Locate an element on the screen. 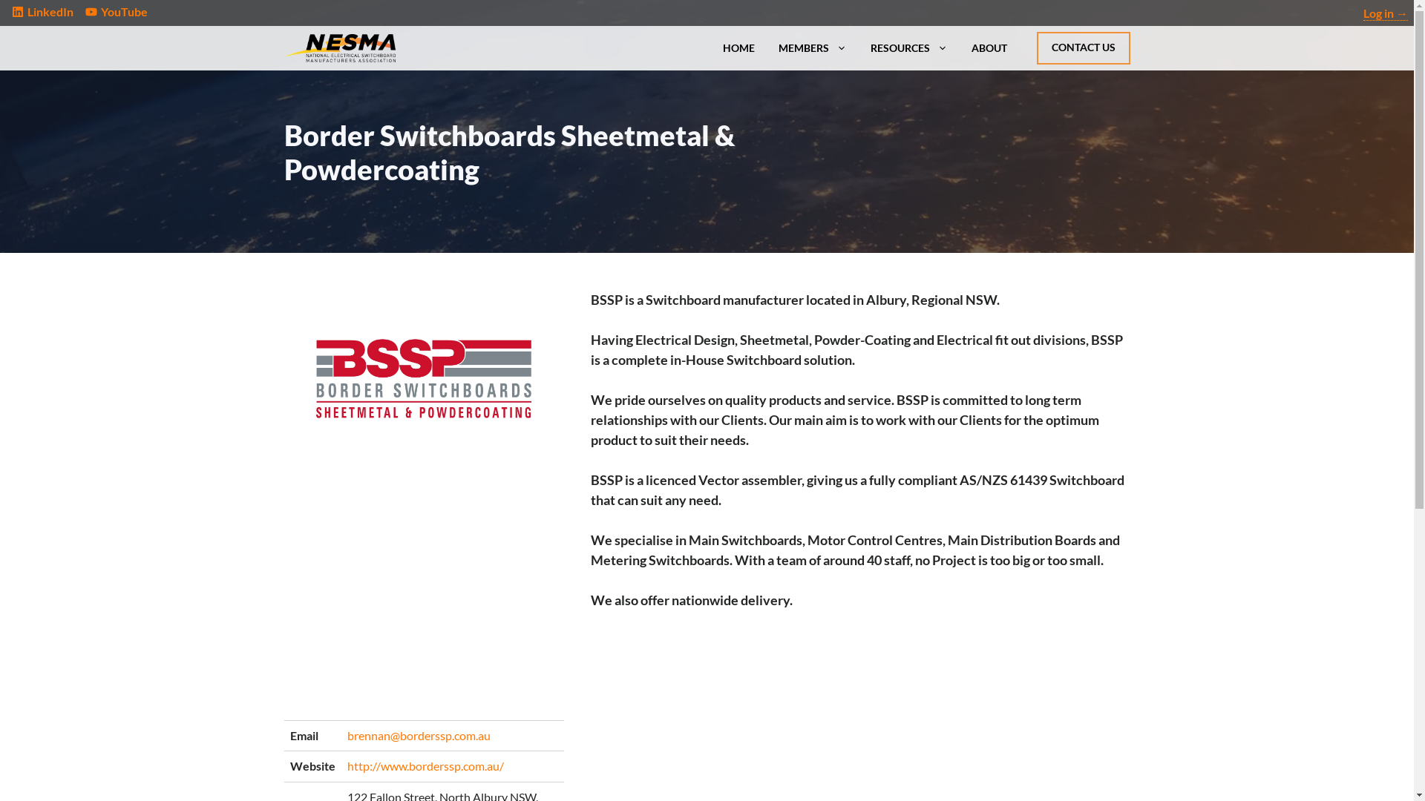  'CONTACT US' is located at coordinates (1083, 47).